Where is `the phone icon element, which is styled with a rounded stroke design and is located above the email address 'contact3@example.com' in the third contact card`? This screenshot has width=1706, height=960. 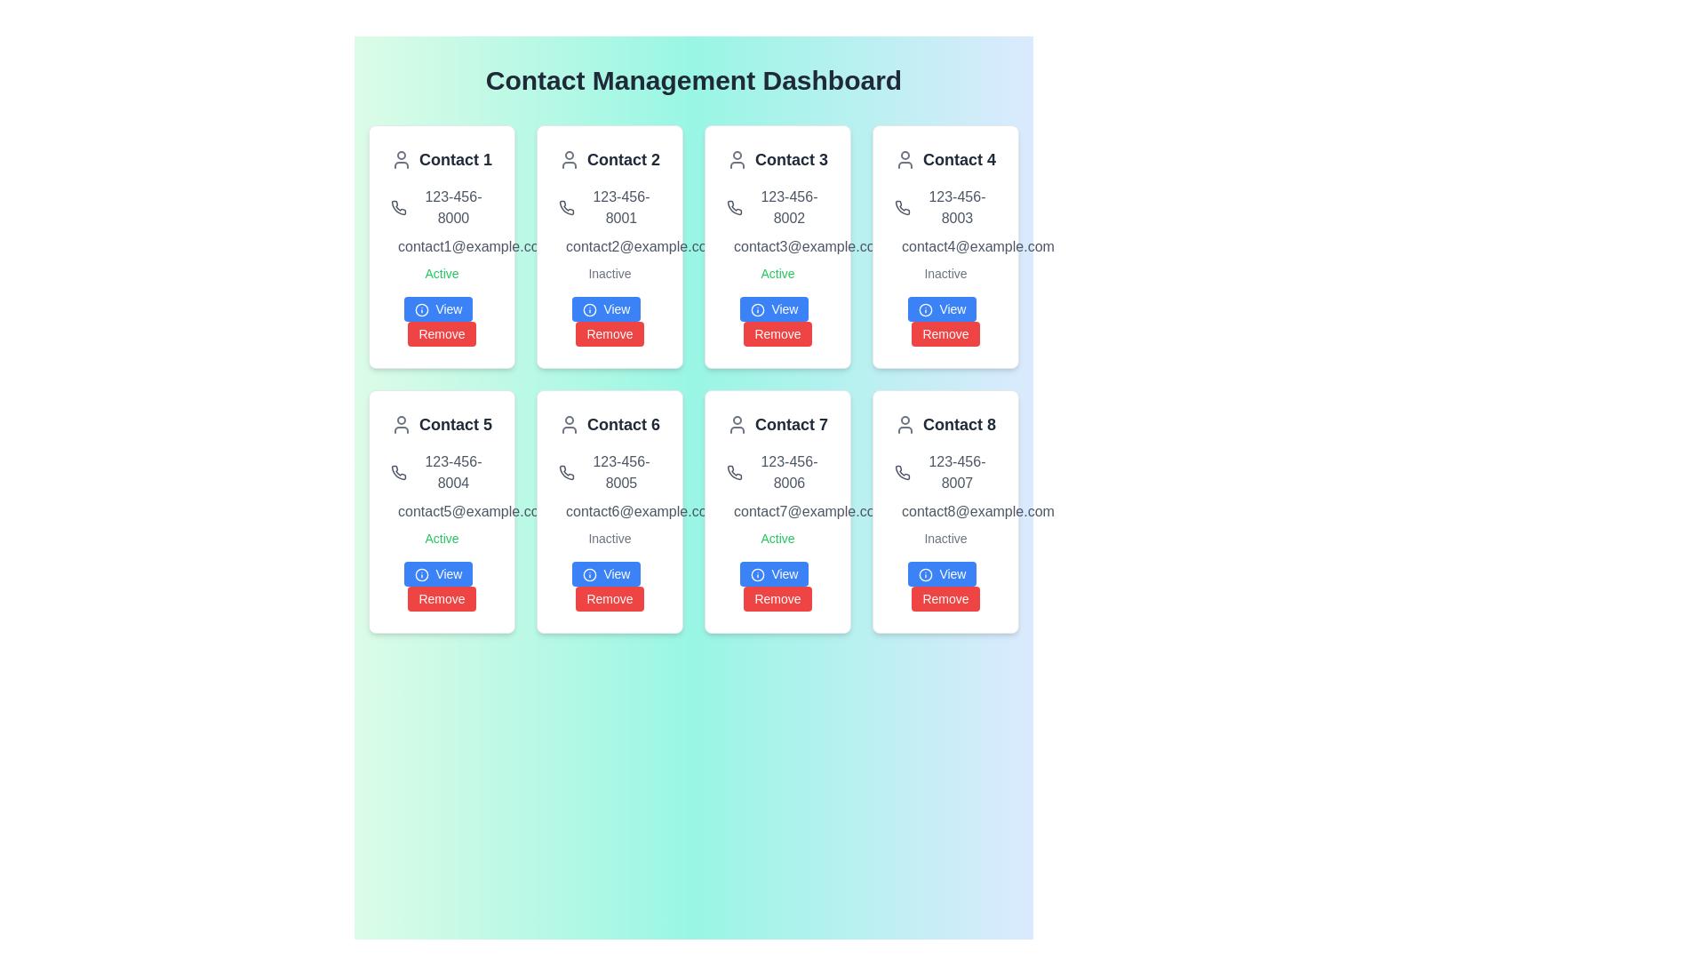
the phone icon element, which is styled with a rounded stroke design and is located above the email address 'contact3@example.com' in the third contact card is located at coordinates (734, 206).